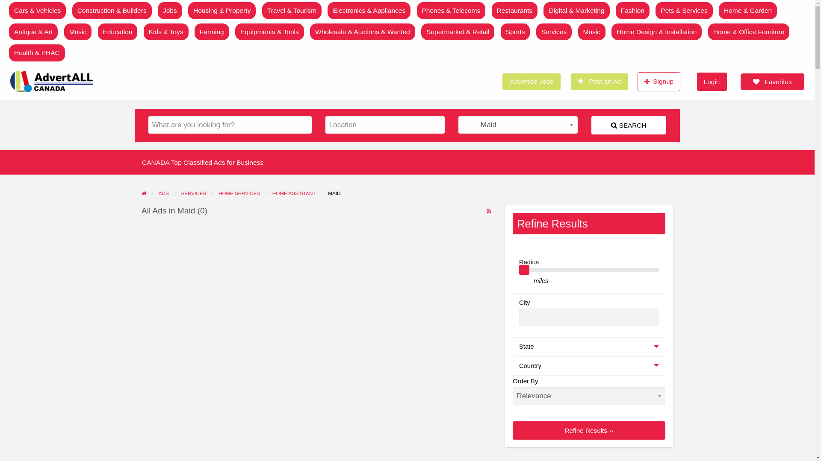  What do you see at coordinates (655, 10) in the screenshot?
I see `'Pets & Services'` at bounding box center [655, 10].